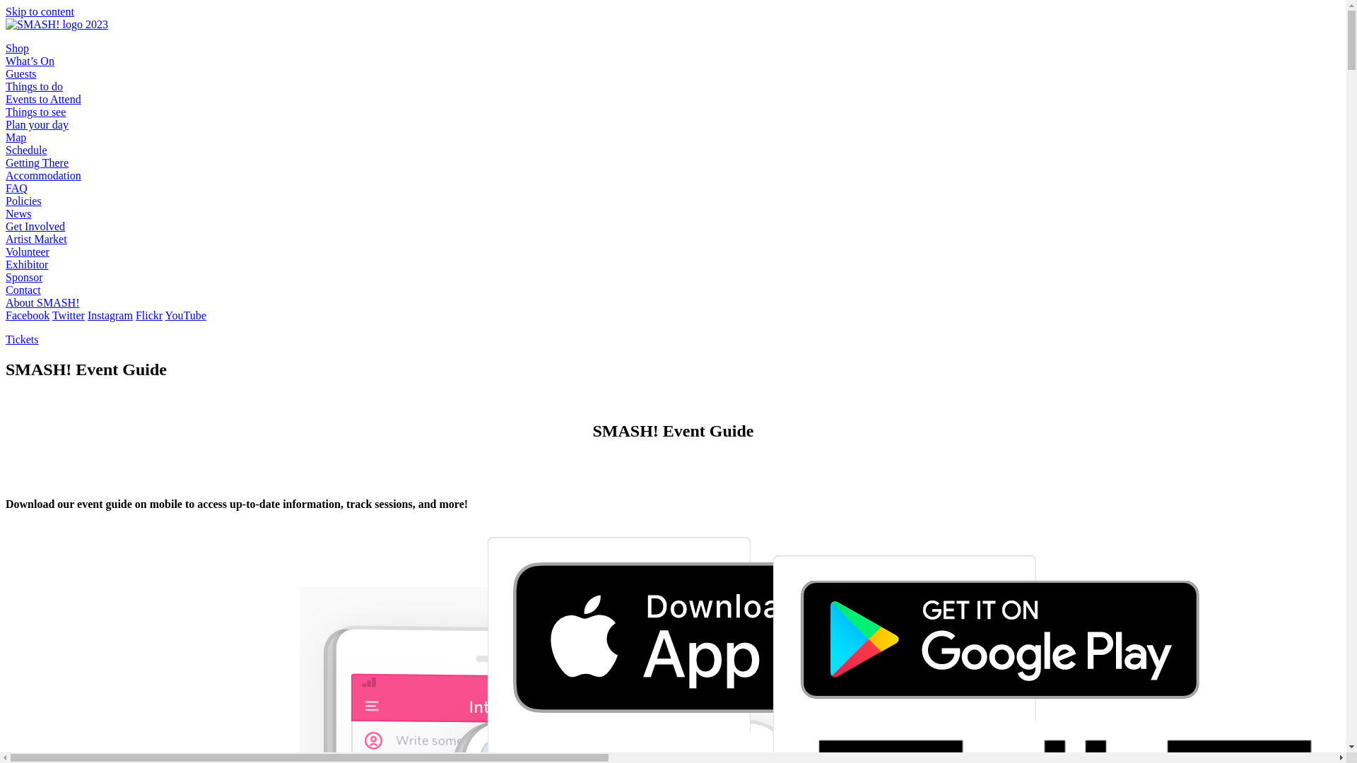 This screenshot has width=1357, height=763. I want to click on 'News', so click(18, 213).